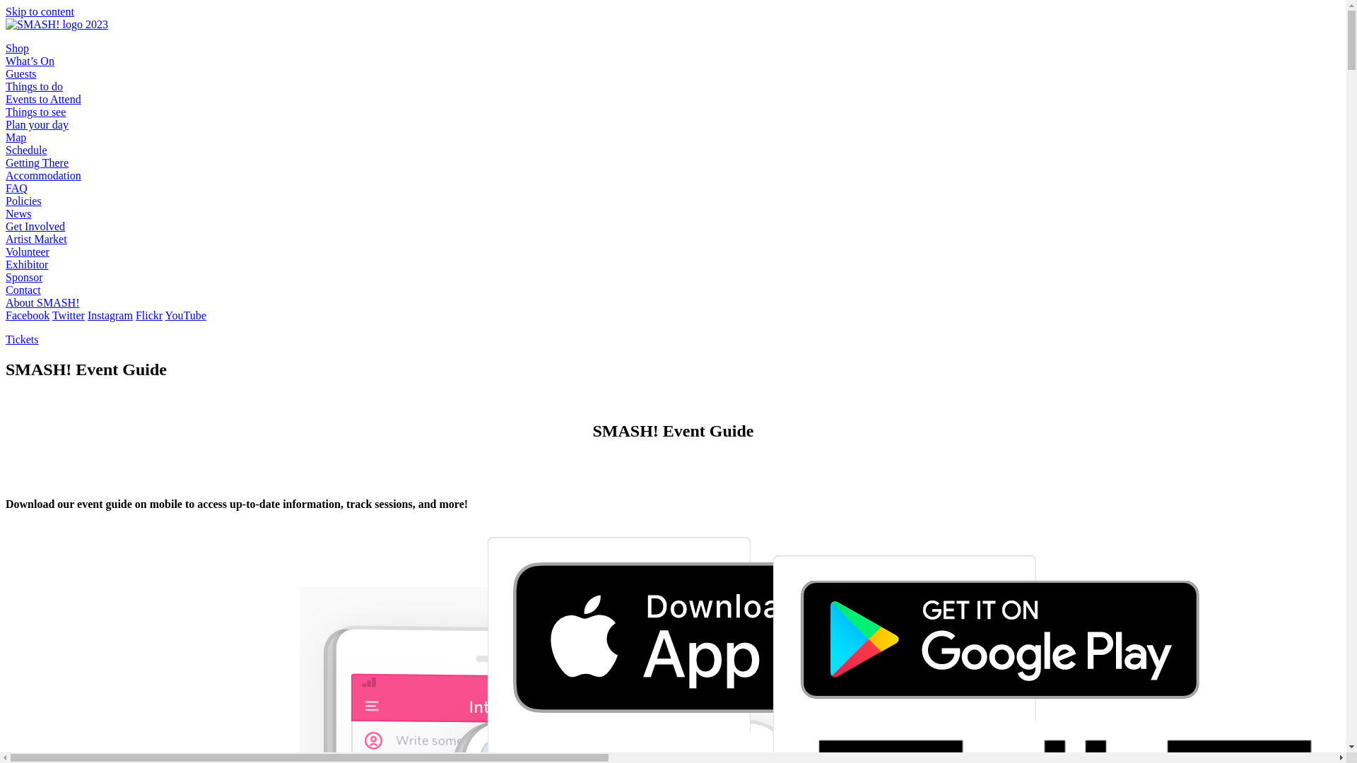 This screenshot has width=1357, height=763. I want to click on 'News', so click(18, 213).